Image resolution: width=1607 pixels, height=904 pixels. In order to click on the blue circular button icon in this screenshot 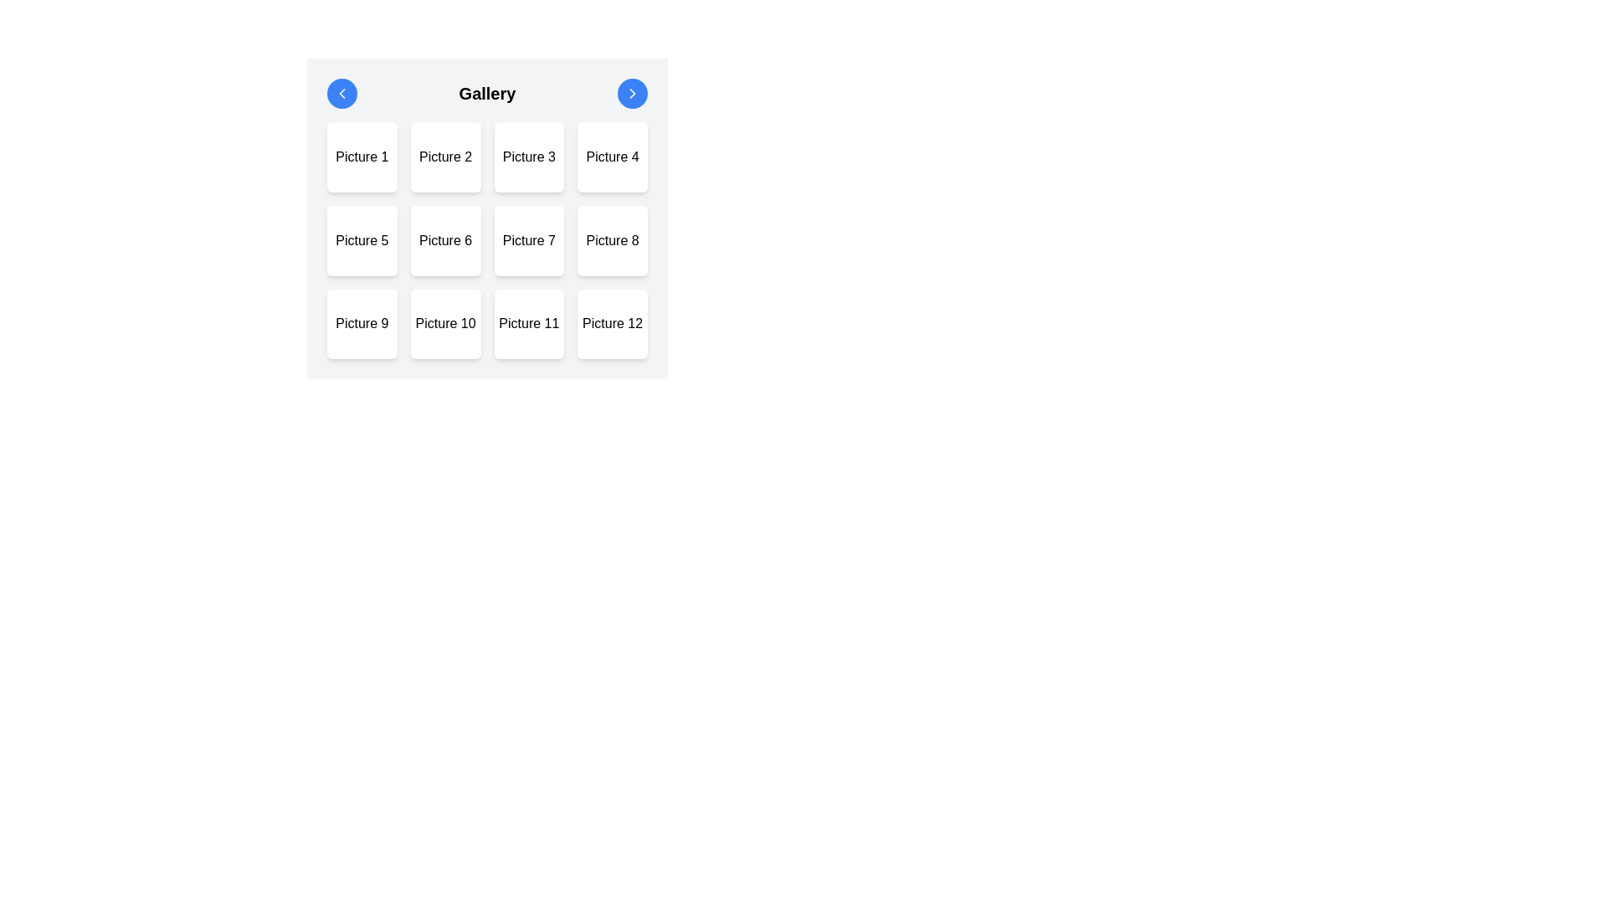, I will do `click(631, 93)`.